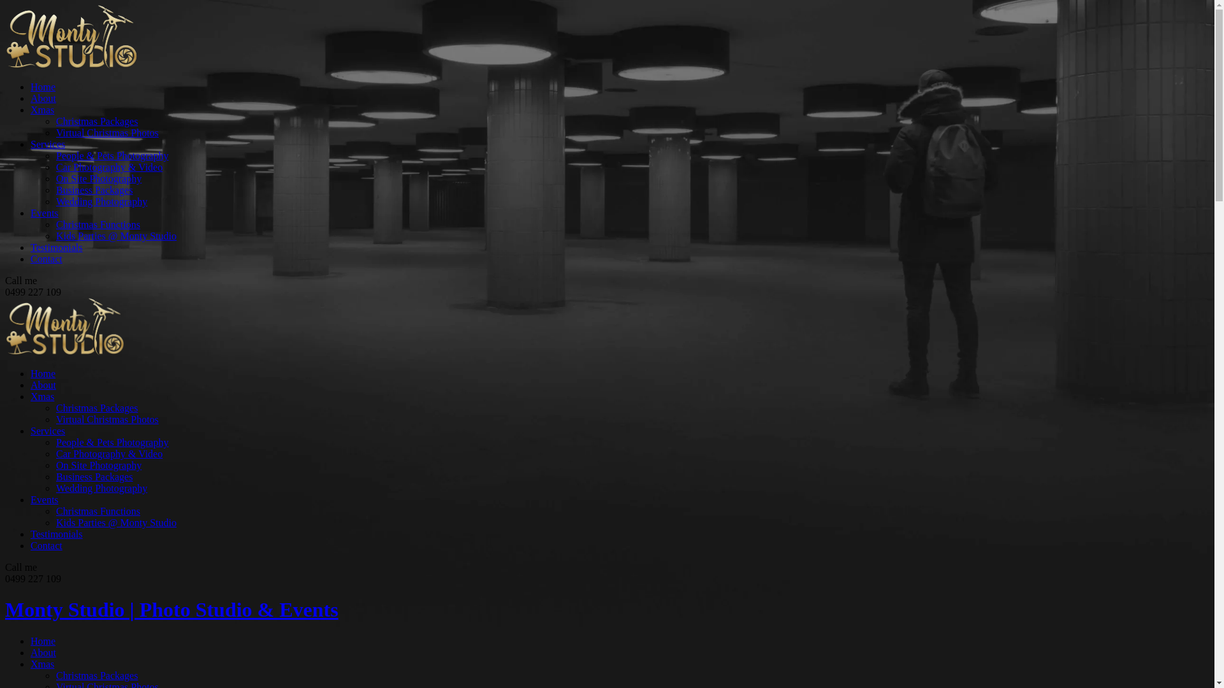 The width and height of the screenshot is (1224, 688). Describe the element at coordinates (31, 373) in the screenshot. I see `'Home'` at that location.